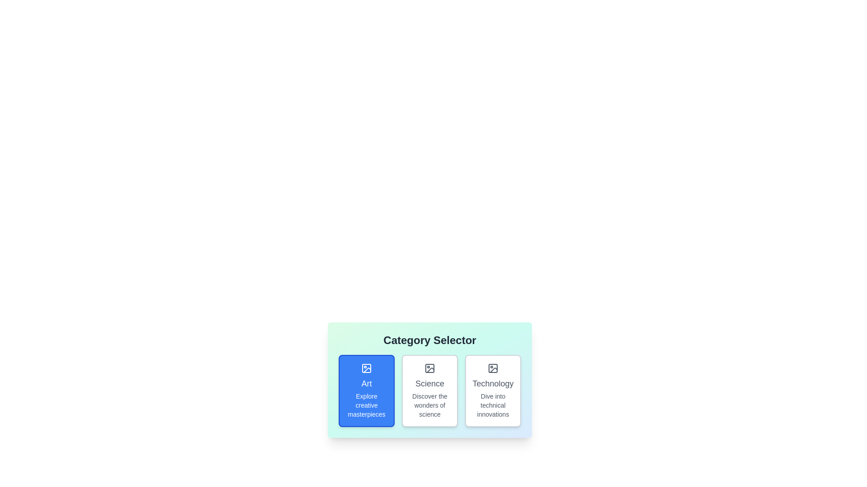 This screenshot has width=867, height=487. I want to click on the main heading of the component to view its text, so click(429, 340).